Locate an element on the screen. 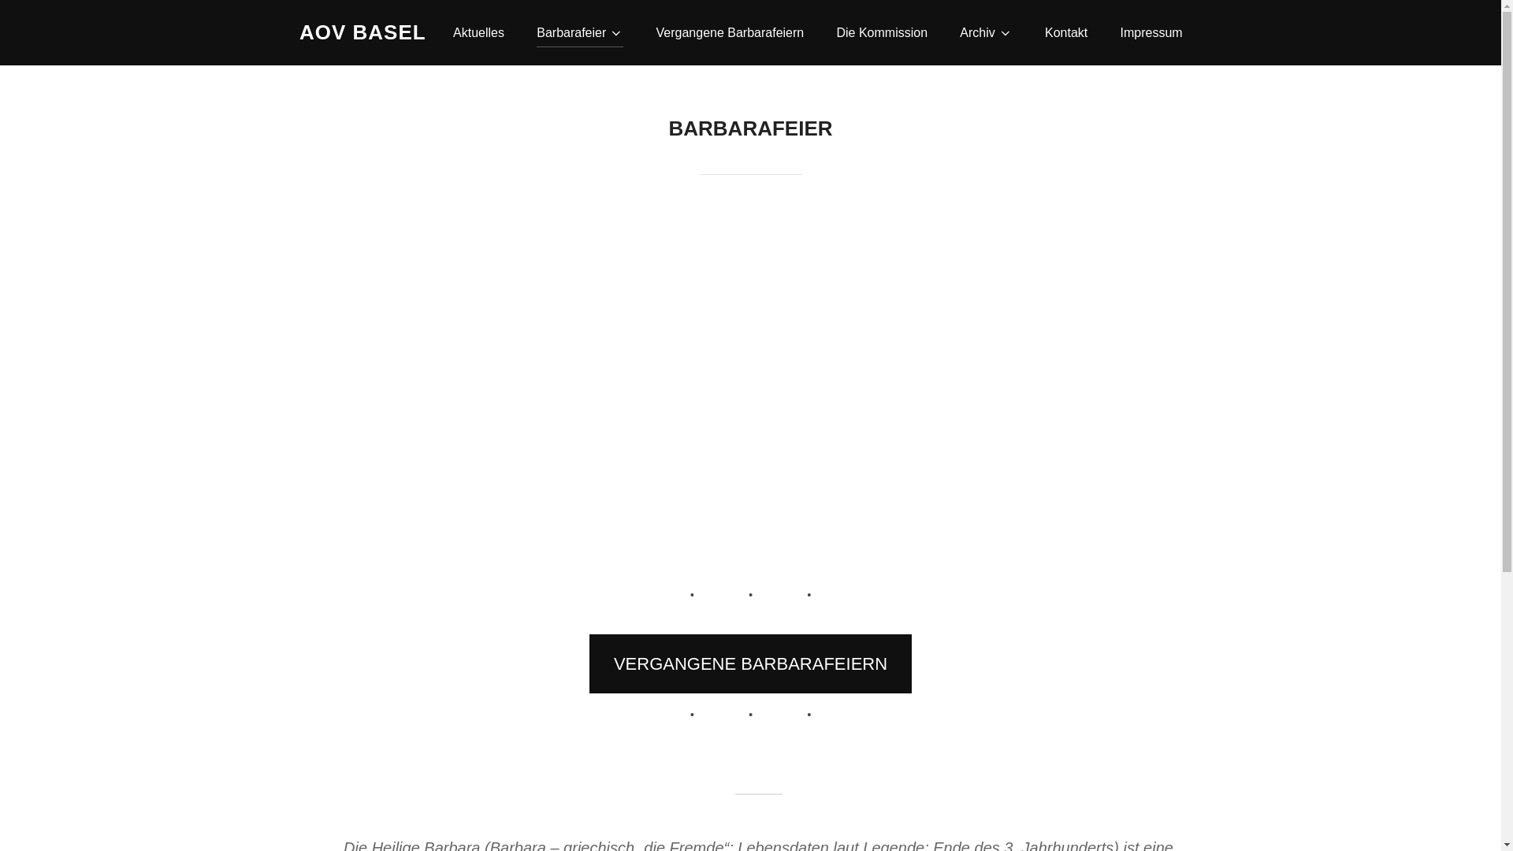 This screenshot has height=851, width=1513. 'Barbarafeier' is located at coordinates (578, 32).